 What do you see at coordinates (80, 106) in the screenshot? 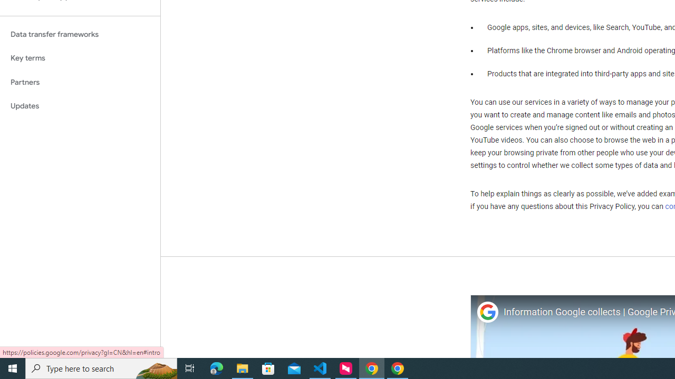
I see `'Updates'` at bounding box center [80, 106].